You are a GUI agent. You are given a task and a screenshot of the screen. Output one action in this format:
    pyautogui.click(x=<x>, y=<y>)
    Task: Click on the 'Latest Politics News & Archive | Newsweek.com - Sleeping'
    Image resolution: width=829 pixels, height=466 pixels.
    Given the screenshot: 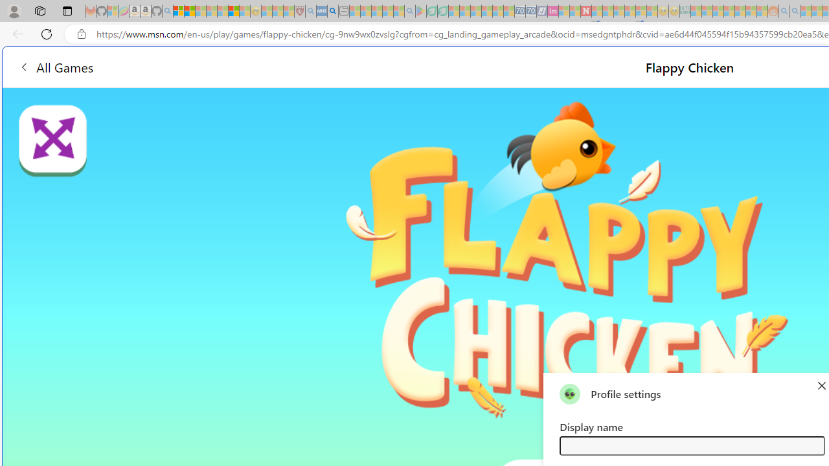 What is the action you would take?
    pyautogui.click(x=585, y=11)
    